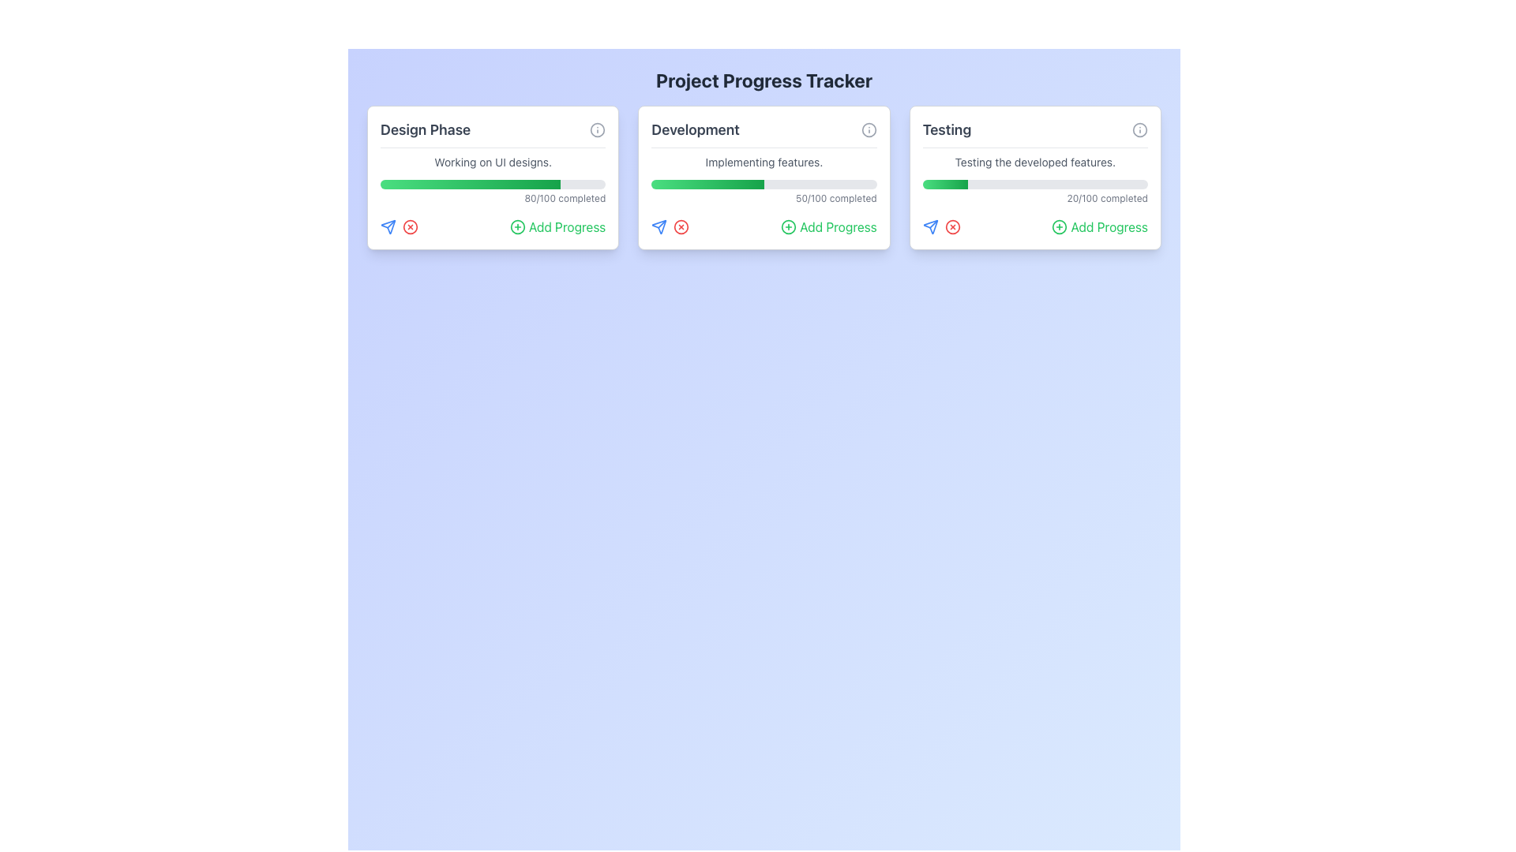 This screenshot has width=1516, height=852. What do you see at coordinates (492, 162) in the screenshot?
I see `the text label displaying 'Working on UI designs.' which is the second descriptor within the 'Design Phase' card` at bounding box center [492, 162].